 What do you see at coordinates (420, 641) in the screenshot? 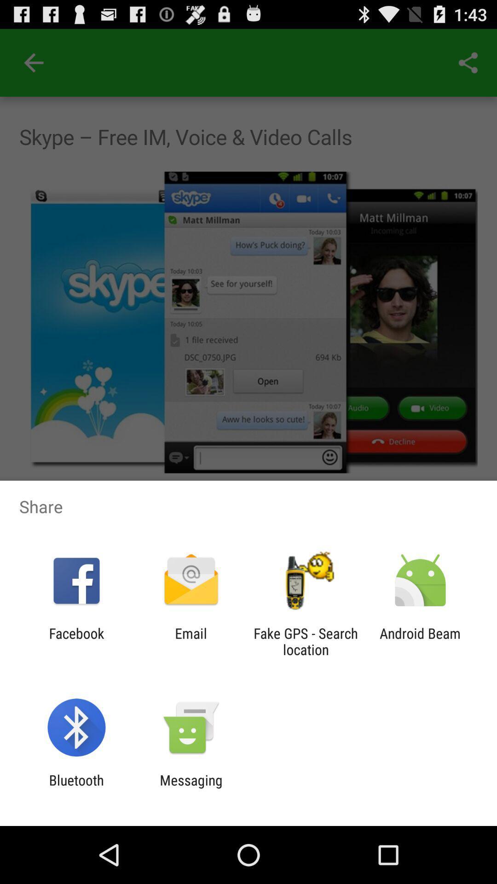
I see `android beam icon` at bounding box center [420, 641].